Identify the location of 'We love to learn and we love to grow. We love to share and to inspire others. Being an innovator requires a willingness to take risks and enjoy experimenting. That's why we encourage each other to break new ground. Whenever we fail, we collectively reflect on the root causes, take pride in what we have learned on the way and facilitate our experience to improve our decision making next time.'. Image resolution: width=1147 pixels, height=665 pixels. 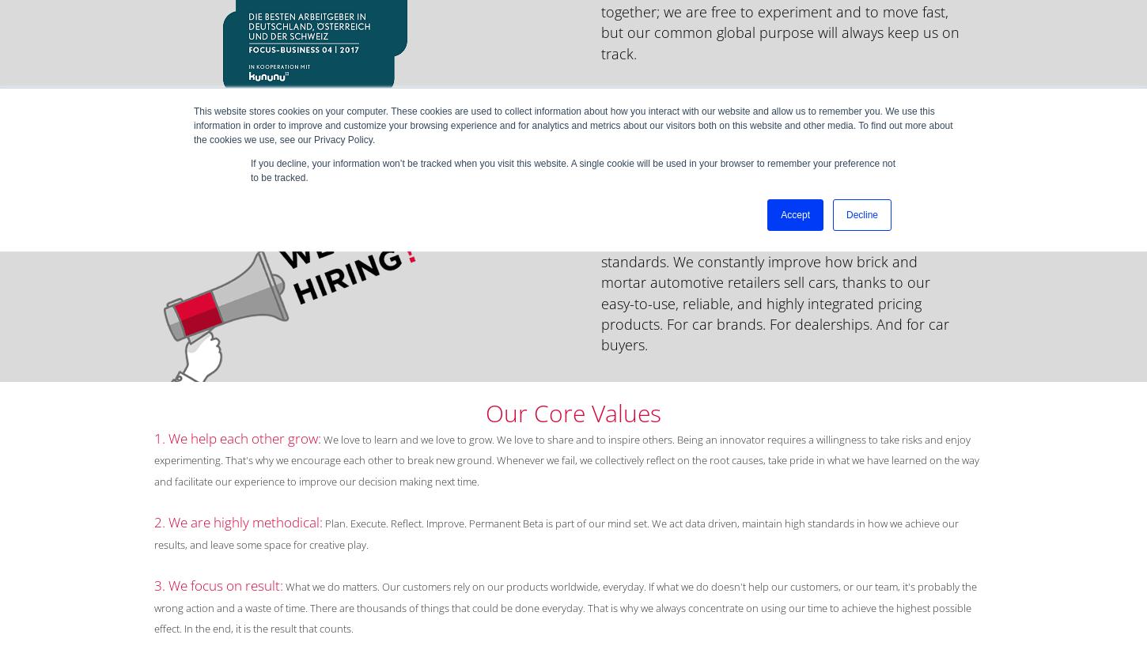
(153, 459).